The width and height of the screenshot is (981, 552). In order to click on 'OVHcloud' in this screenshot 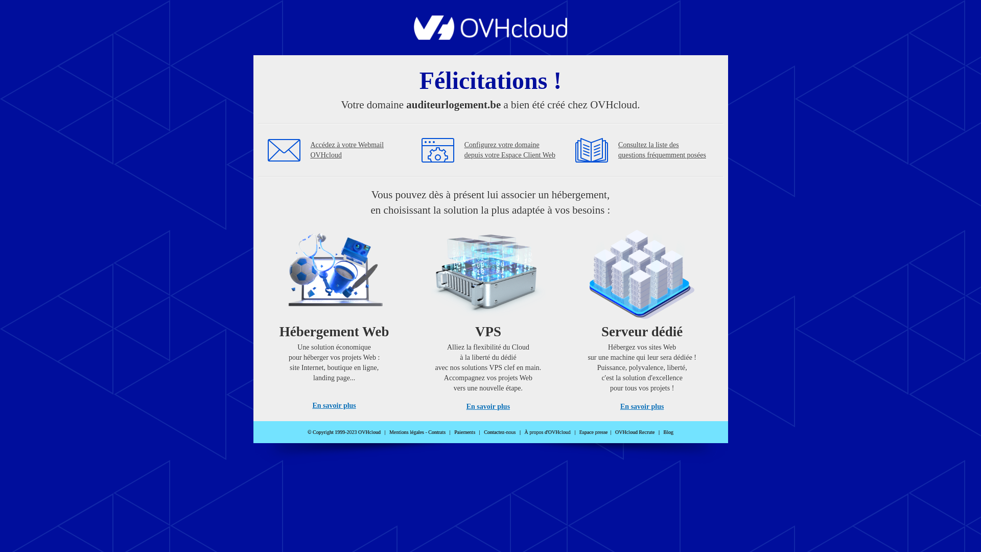, I will do `click(491, 36)`.